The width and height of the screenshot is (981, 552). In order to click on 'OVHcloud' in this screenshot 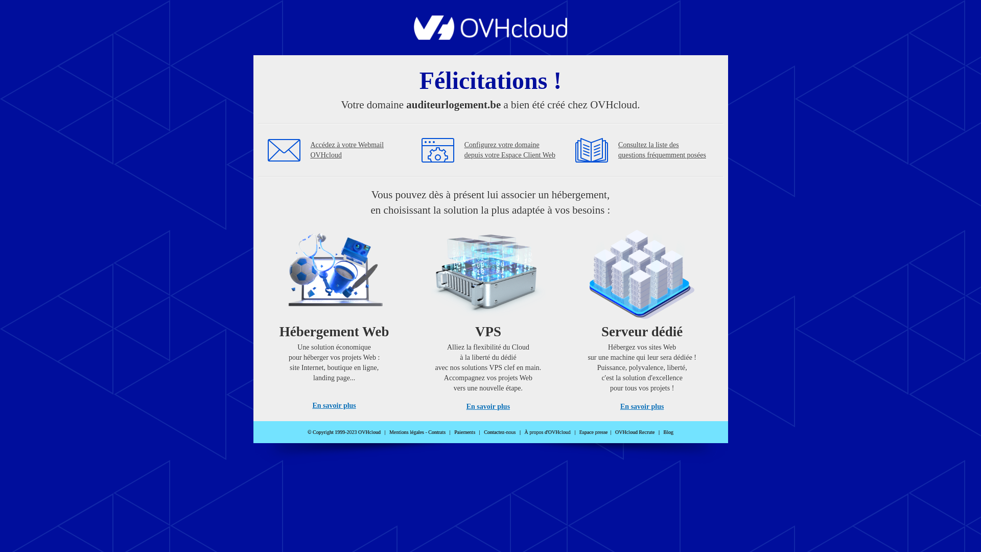, I will do `click(491, 36)`.